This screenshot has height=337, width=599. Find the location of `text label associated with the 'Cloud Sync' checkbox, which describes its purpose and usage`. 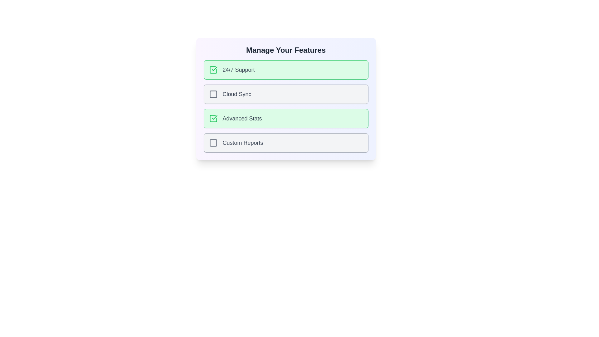

text label associated with the 'Cloud Sync' checkbox, which describes its purpose and usage is located at coordinates (230, 94).